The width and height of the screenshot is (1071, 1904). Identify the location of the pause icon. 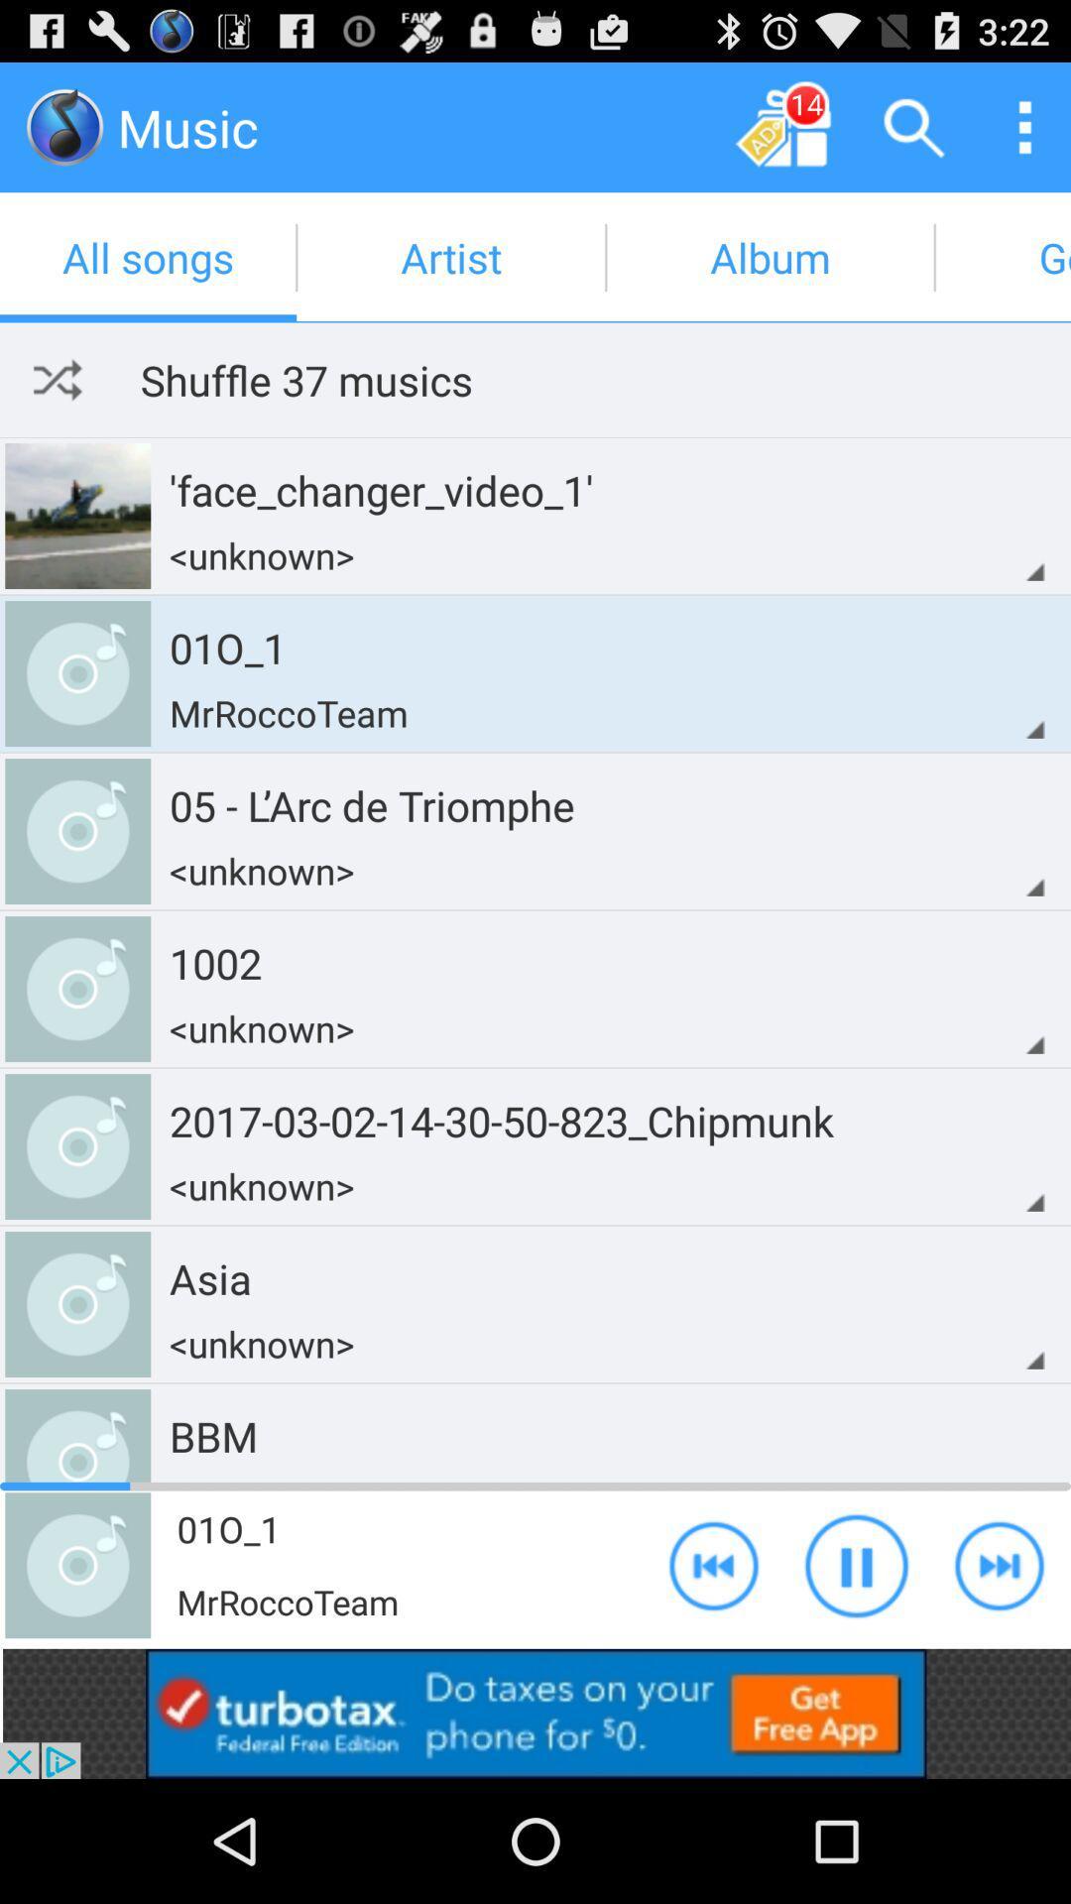
(856, 1674).